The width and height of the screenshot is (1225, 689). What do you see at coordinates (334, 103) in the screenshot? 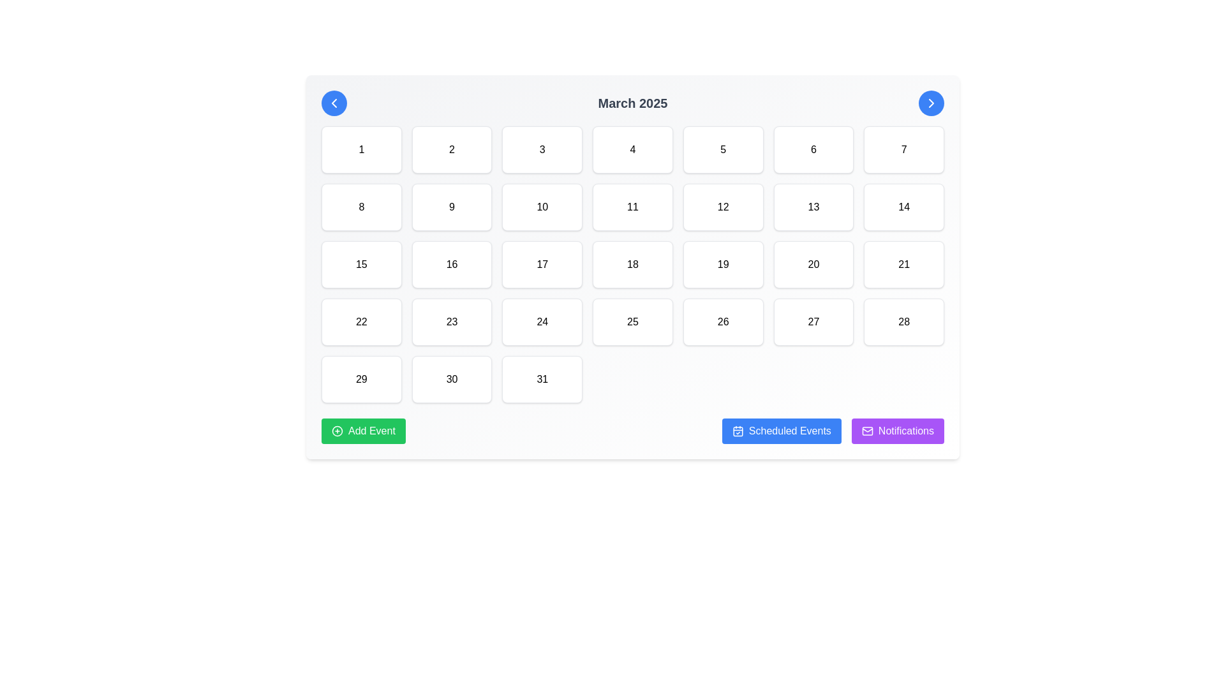
I see `the rounded blue button with a white left-facing arrow icon` at bounding box center [334, 103].